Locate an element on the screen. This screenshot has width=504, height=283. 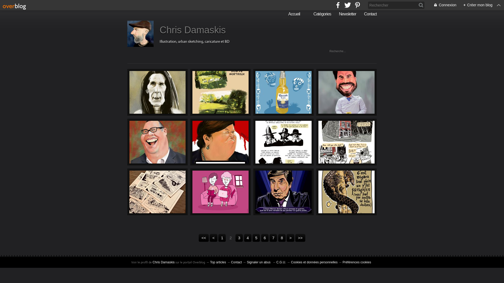
'C.G.U.' is located at coordinates (281, 262).